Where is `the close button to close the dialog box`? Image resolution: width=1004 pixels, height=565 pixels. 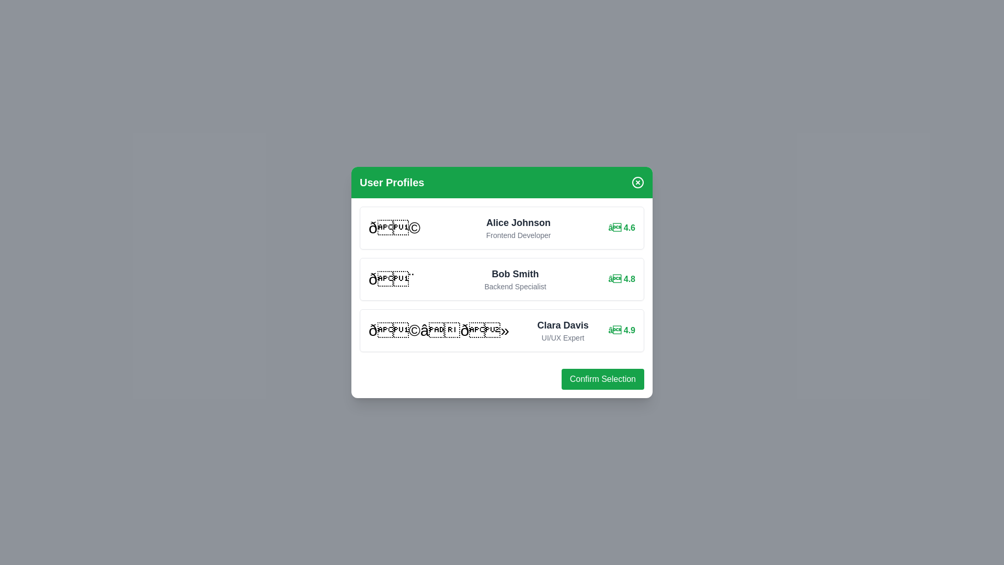
the close button to close the dialog box is located at coordinates (637, 182).